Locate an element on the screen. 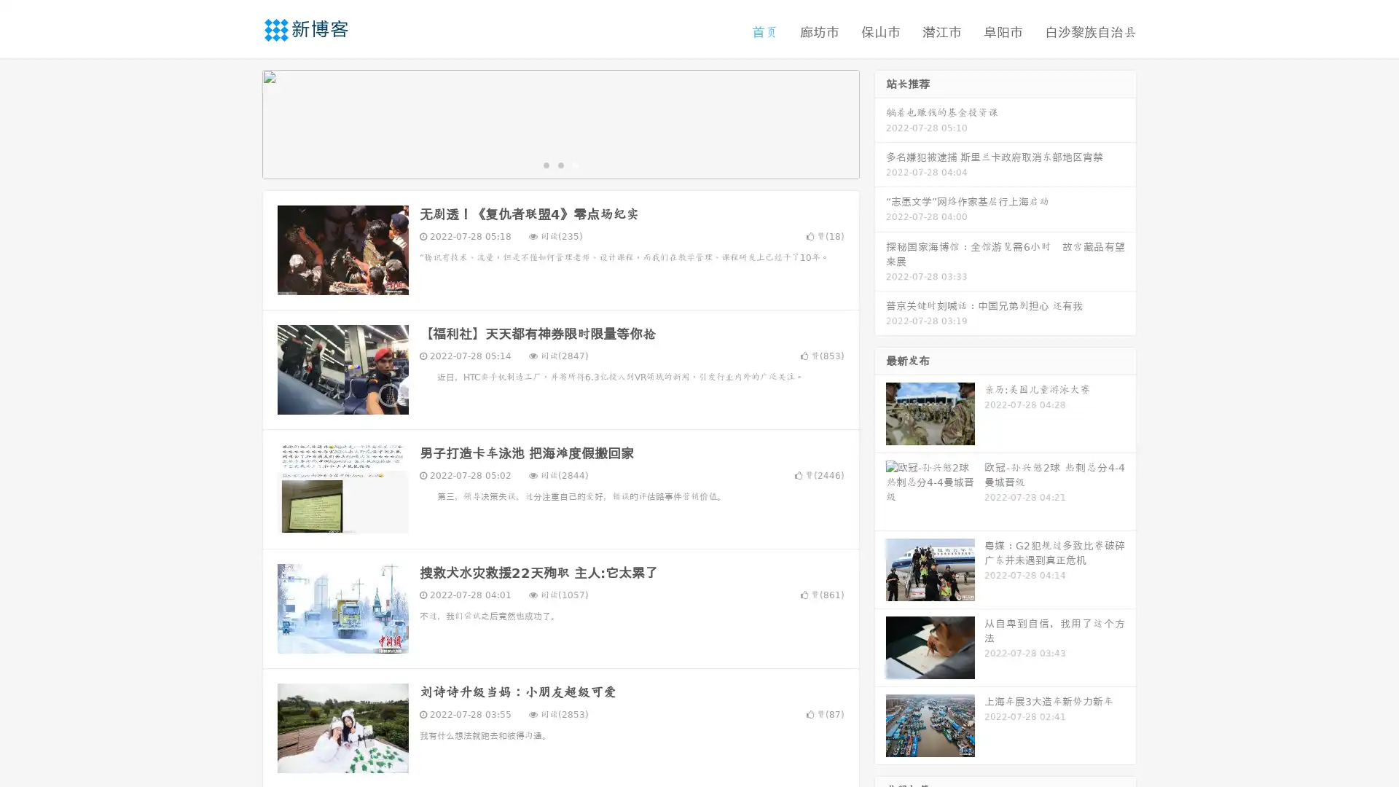 The image size is (1399, 787). Next slide is located at coordinates (880, 122).